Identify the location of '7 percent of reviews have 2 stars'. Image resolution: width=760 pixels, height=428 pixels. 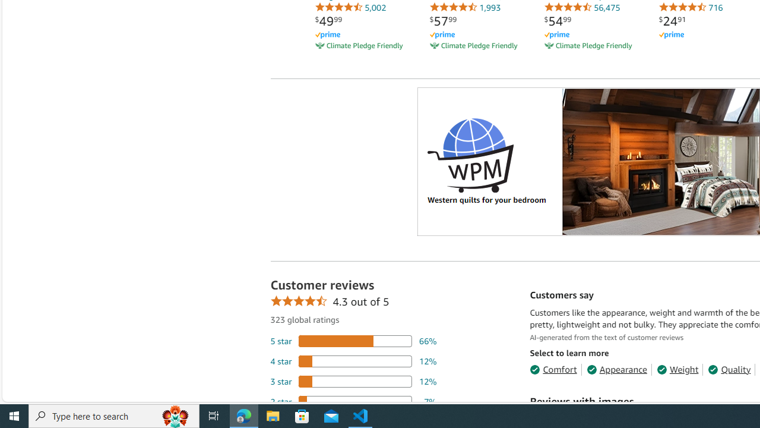
(353, 401).